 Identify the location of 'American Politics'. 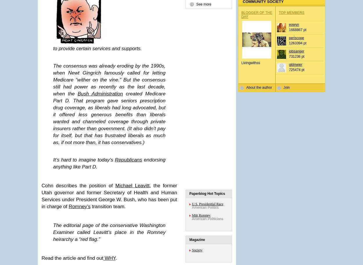
(205, 207).